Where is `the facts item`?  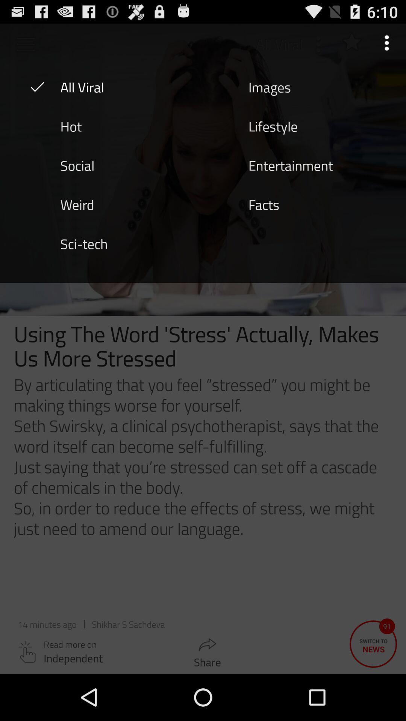 the facts item is located at coordinates (264, 204).